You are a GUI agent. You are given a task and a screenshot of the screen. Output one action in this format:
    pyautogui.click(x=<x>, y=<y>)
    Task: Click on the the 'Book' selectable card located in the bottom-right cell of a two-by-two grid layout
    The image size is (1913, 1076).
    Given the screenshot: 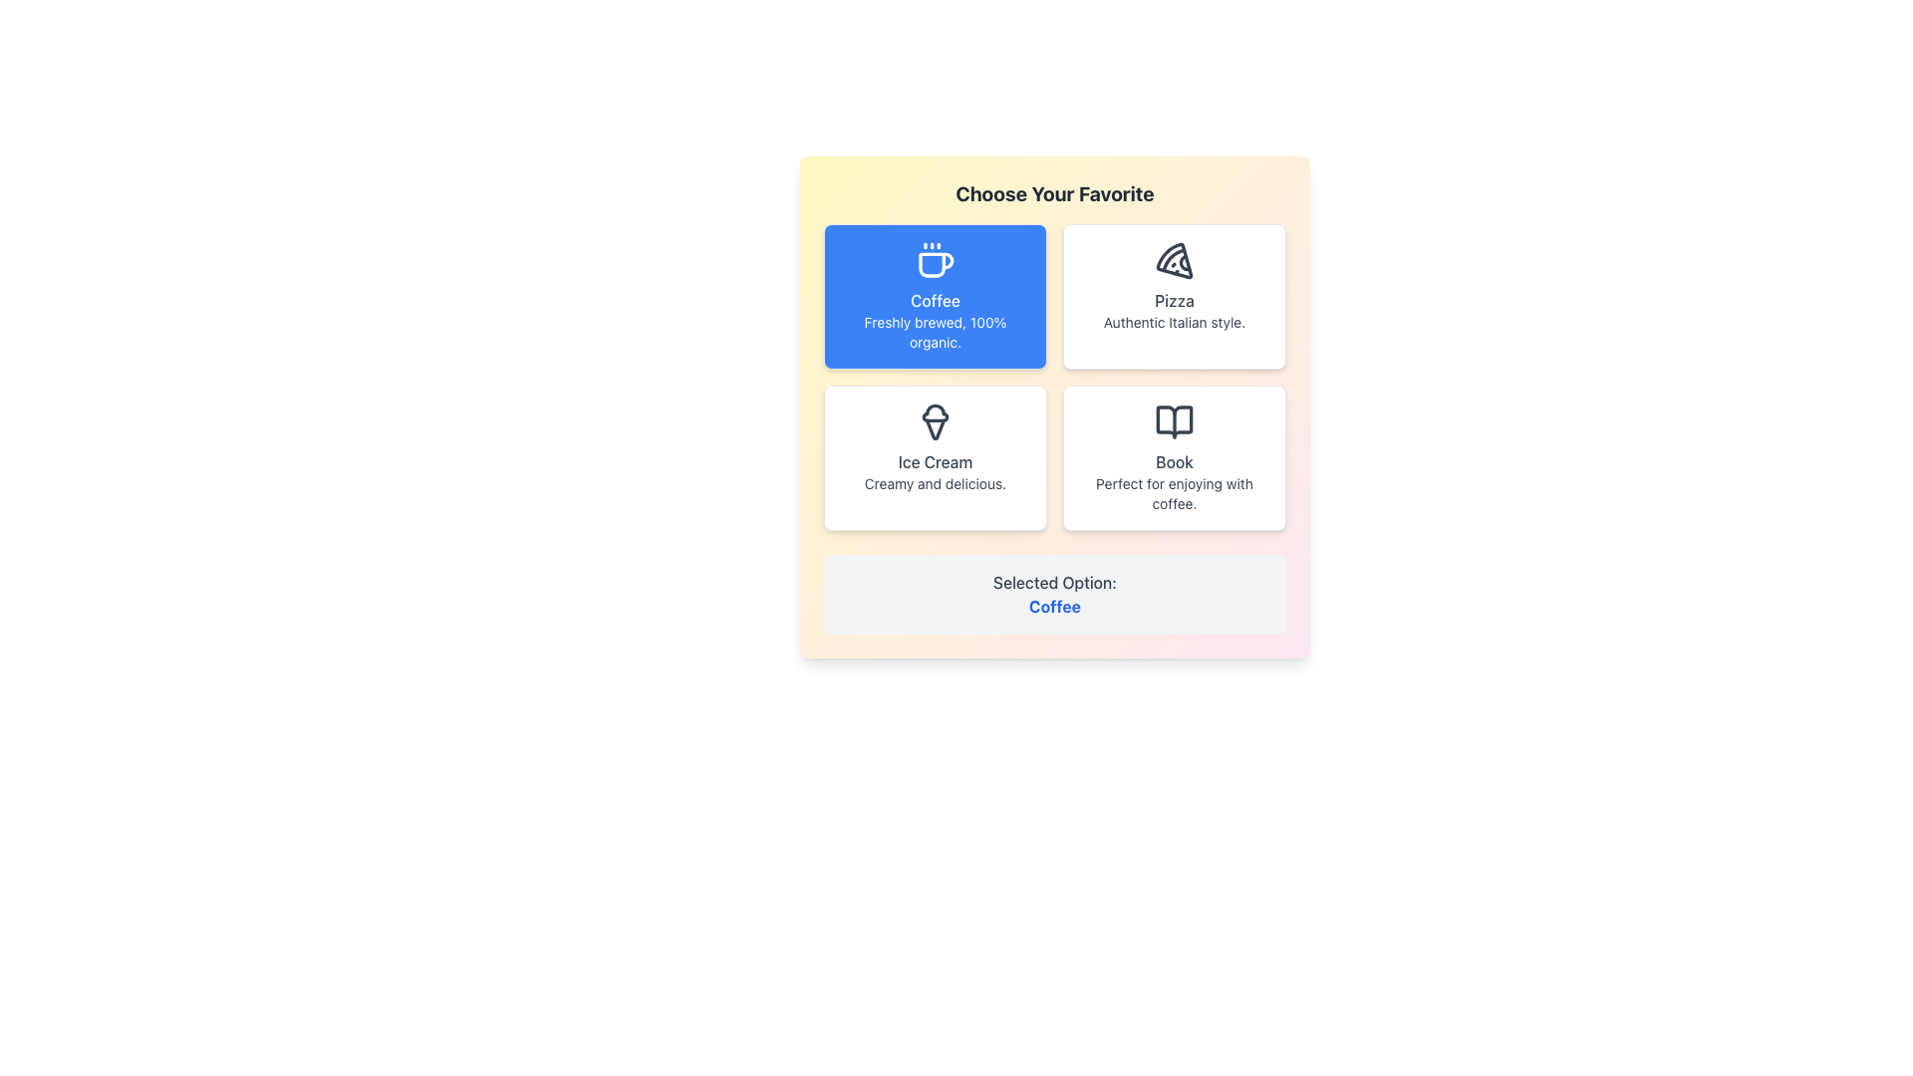 What is the action you would take?
    pyautogui.click(x=1175, y=457)
    